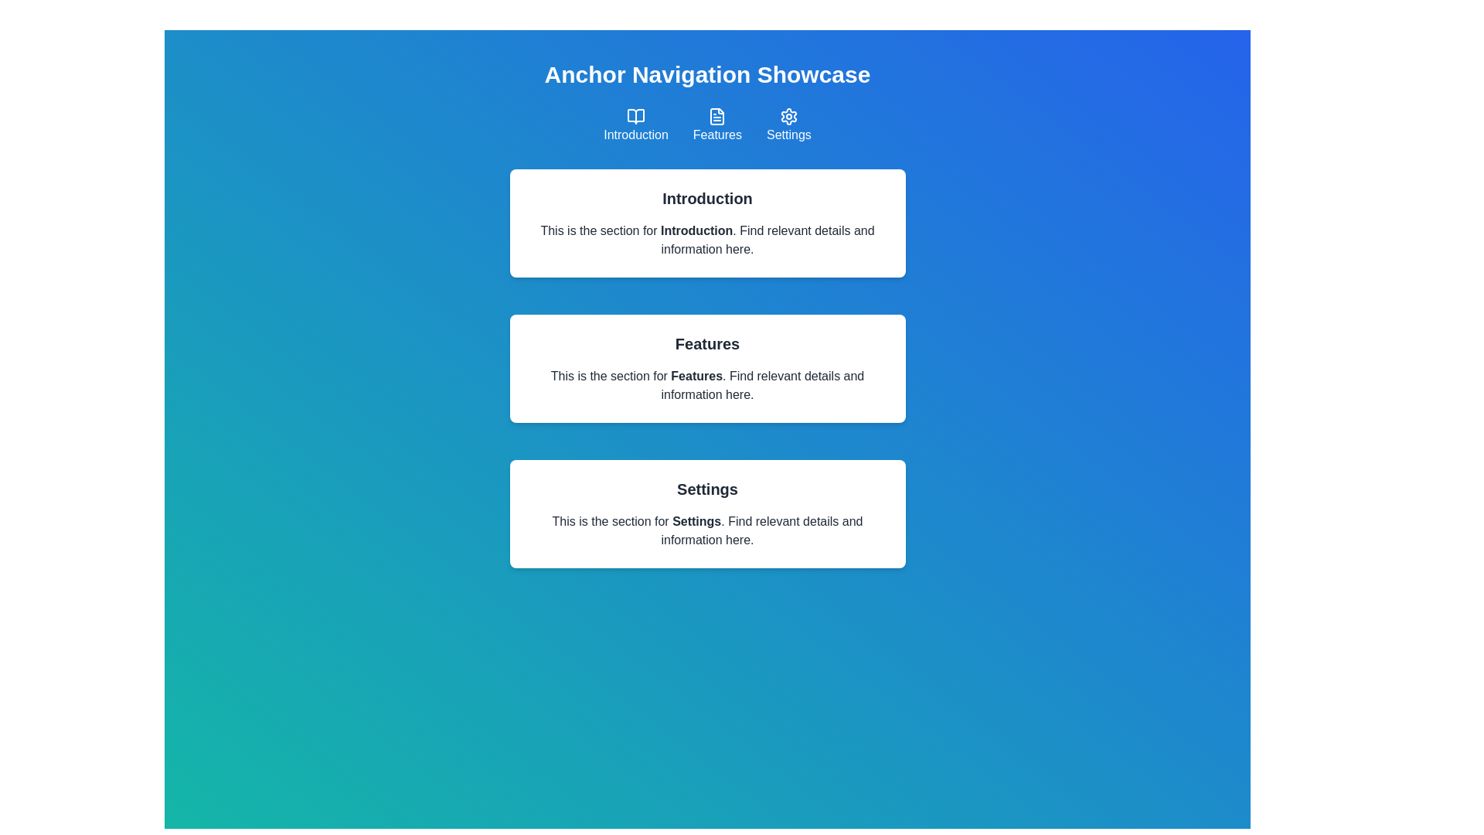 This screenshot has width=1484, height=835. Describe the element at coordinates (716, 115) in the screenshot. I see `the 'Features' icon in the navigation bar` at that location.